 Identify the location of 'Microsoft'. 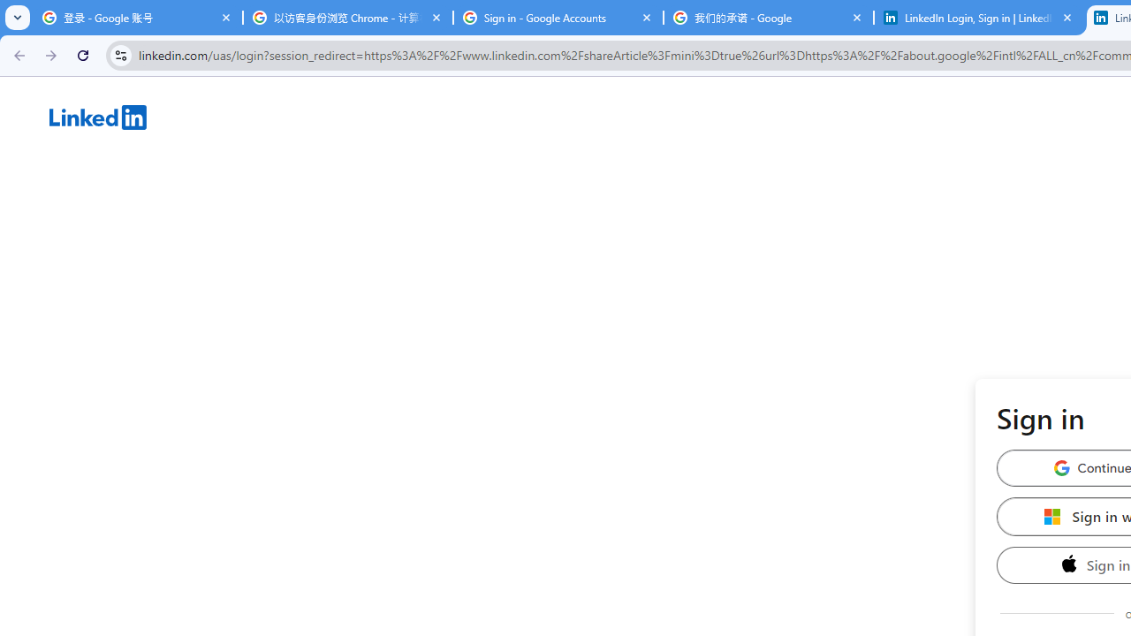
(1052, 516).